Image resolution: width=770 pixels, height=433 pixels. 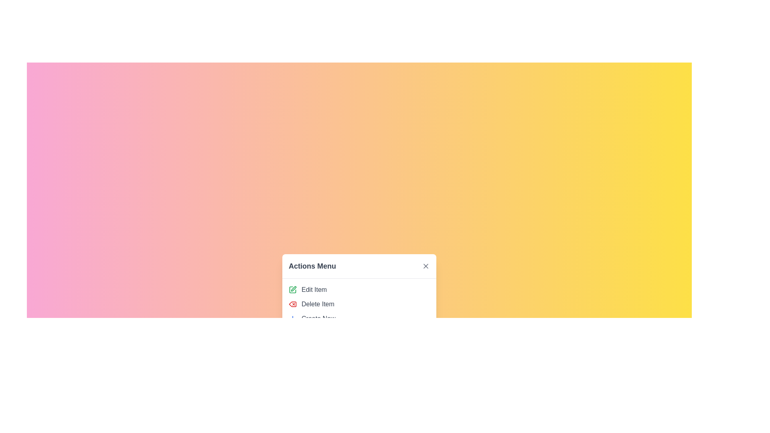 I want to click on to select the 'Delete Item' option, which is the second menu item in the 'Actions Menu' and is indicated by a gray text label with a red delete icon preceding it, so click(x=317, y=304).